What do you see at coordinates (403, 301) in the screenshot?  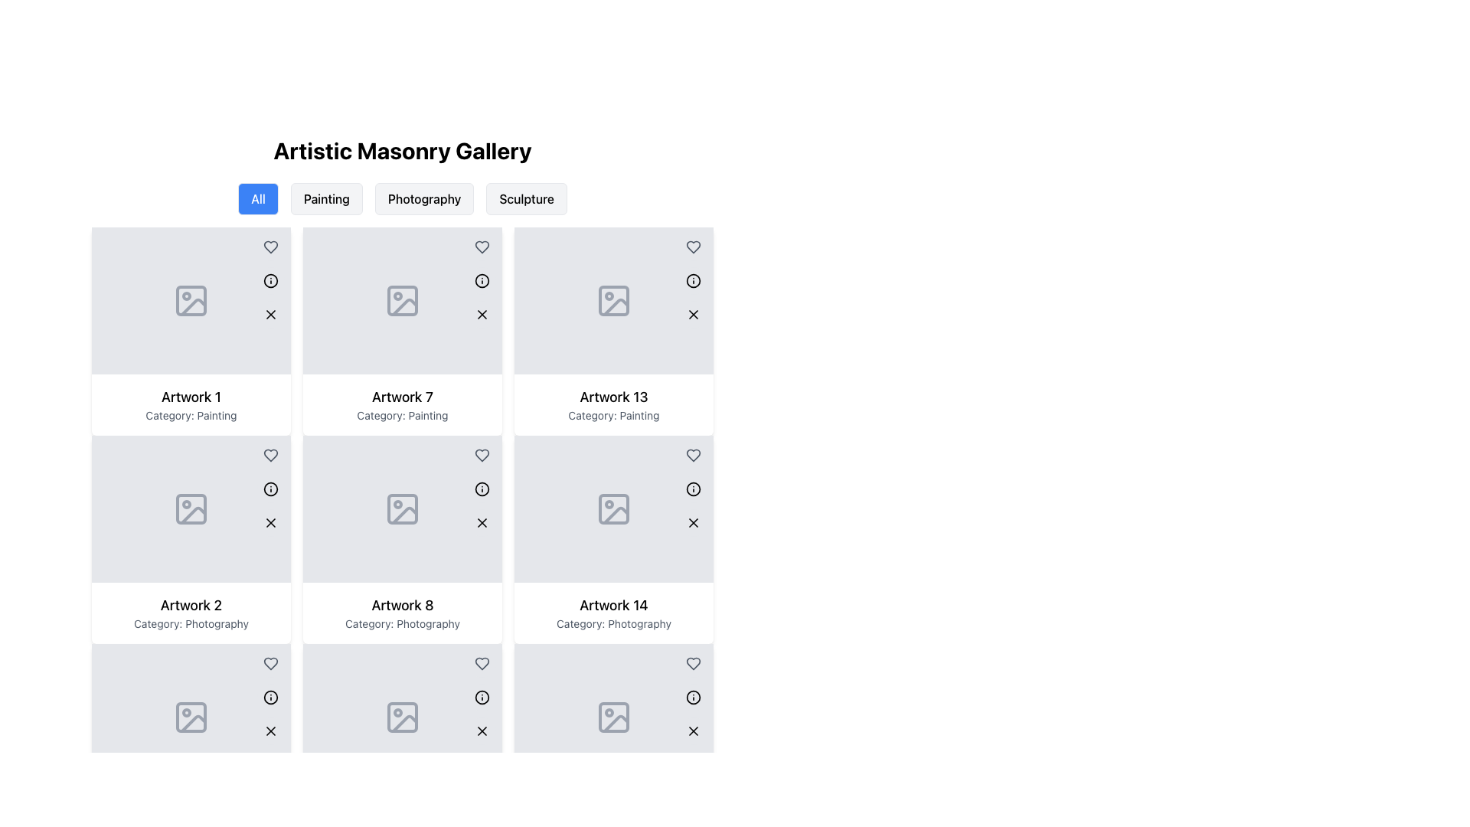 I see `the decorative graphic element, which is a hollow rectangular shape located inside the icon depicting a mountain and a sun in the 'Artwork 7' card, positioned in the second column and second row of the gallery` at bounding box center [403, 301].